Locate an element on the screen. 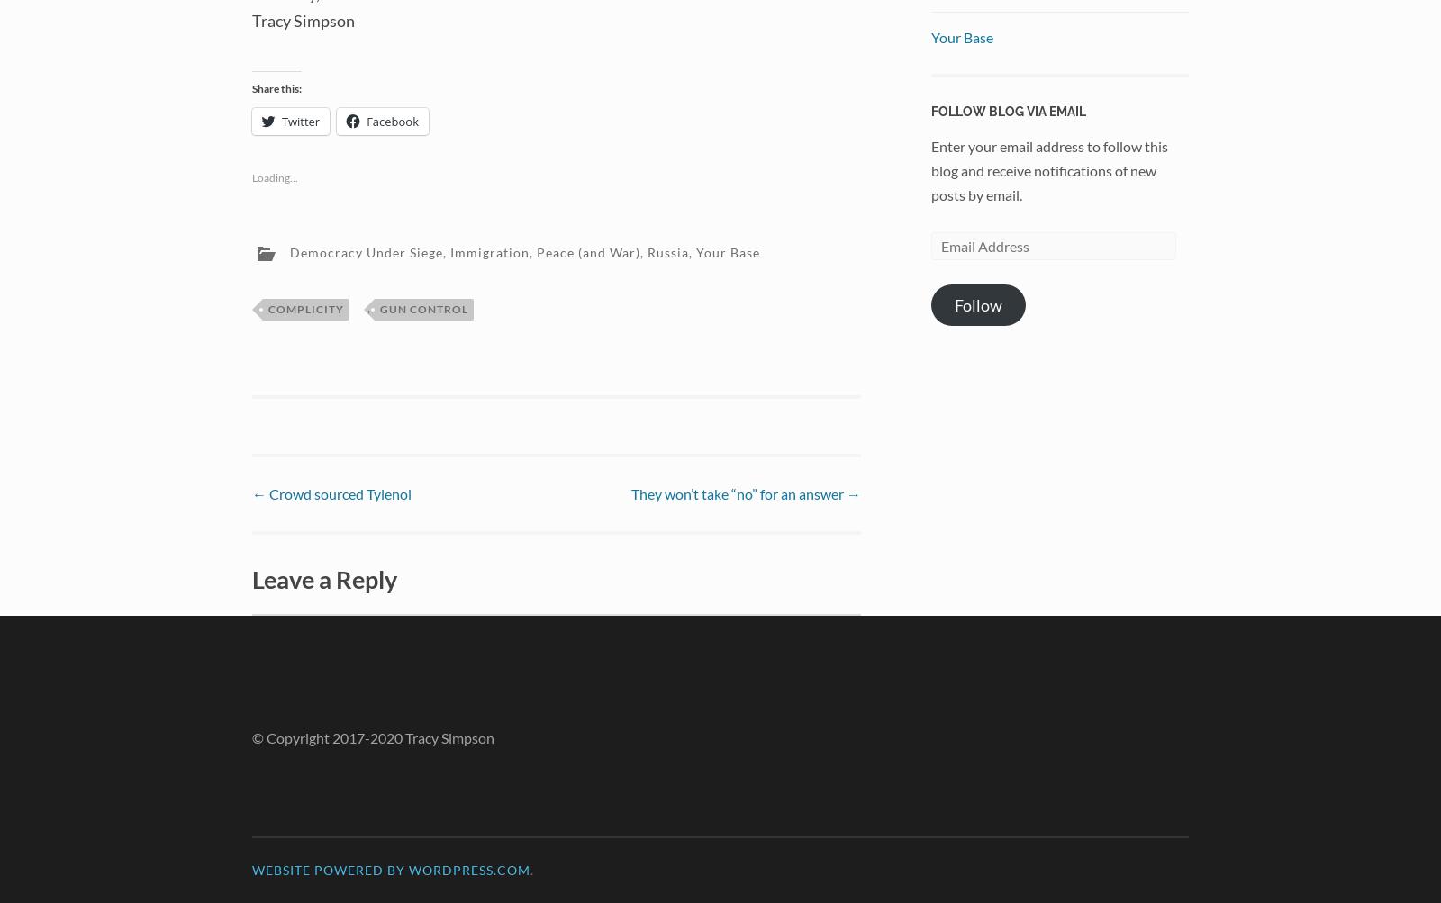 The height and width of the screenshot is (903, 1441). 'Twitter' is located at coordinates (300, 120).